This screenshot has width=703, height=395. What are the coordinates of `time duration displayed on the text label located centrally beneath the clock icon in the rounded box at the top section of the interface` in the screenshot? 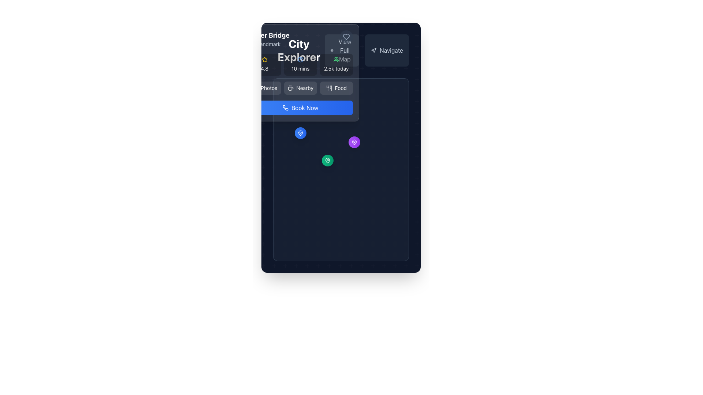 It's located at (300, 68).